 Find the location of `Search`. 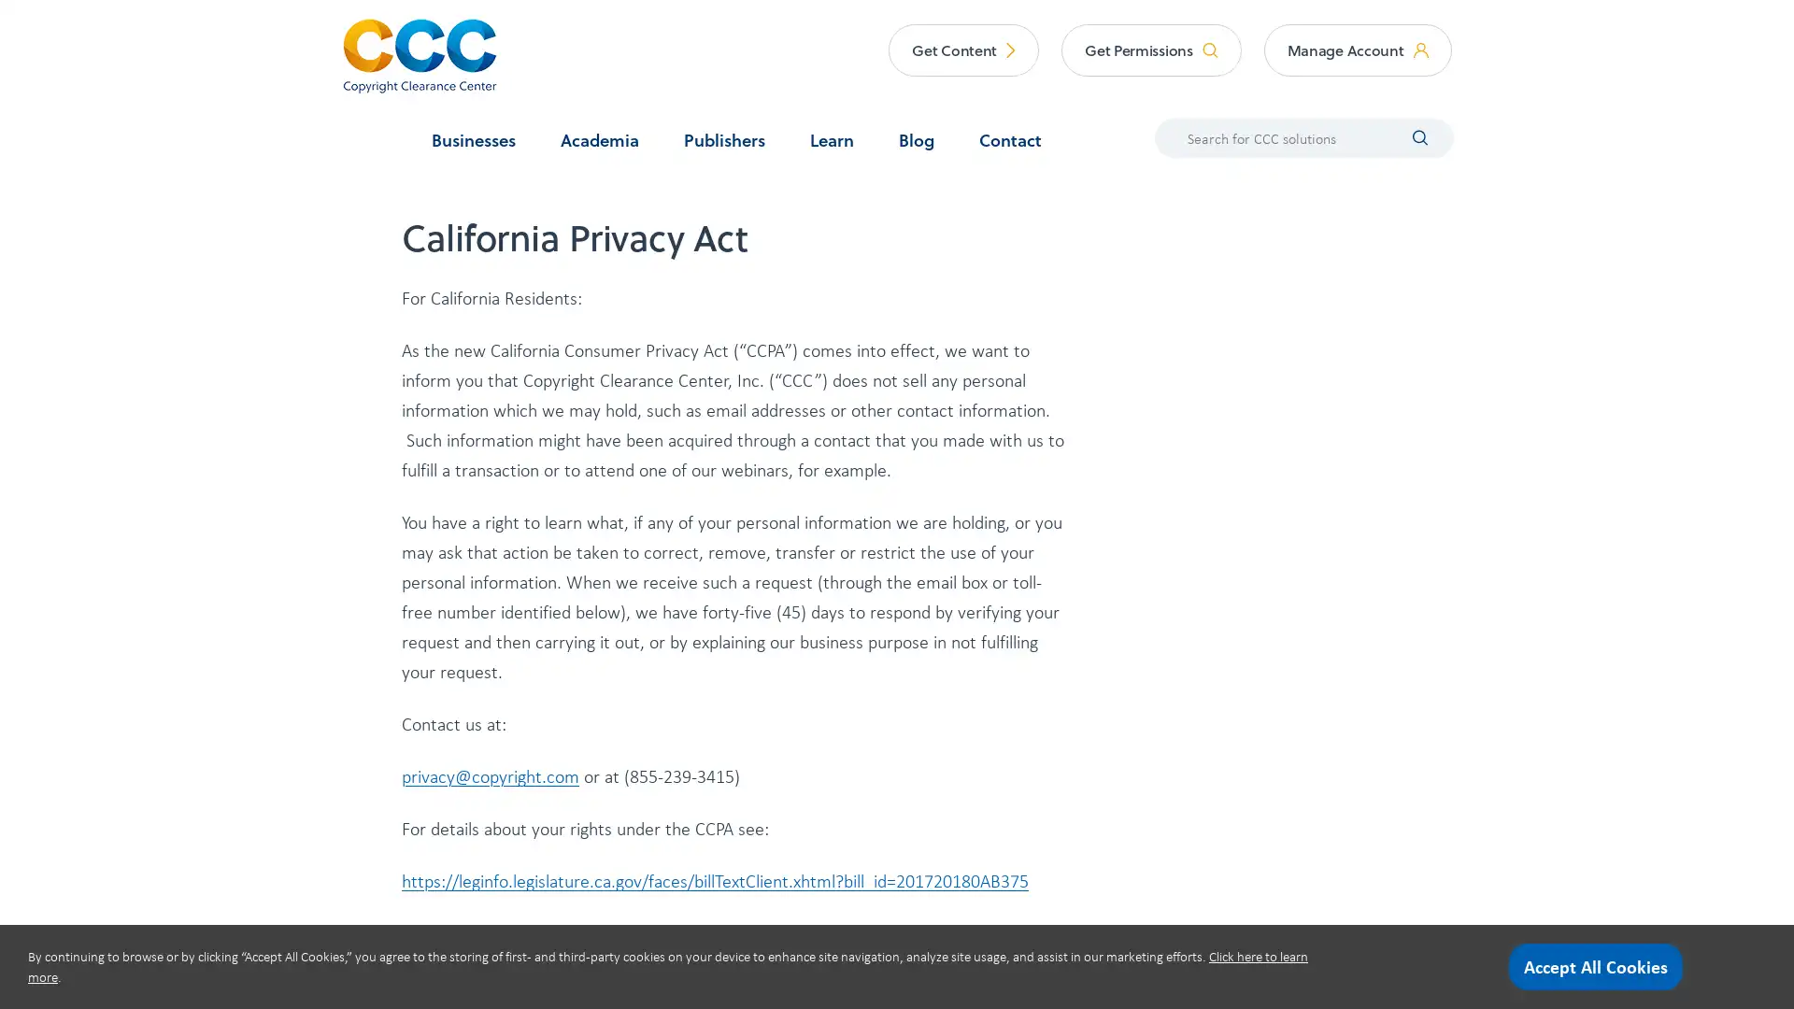

Search is located at coordinates (1407, 135).